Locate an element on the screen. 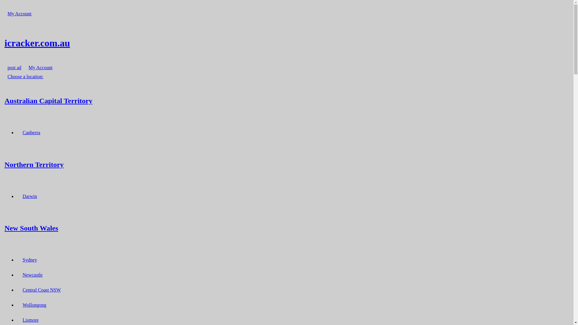 The height and width of the screenshot is (325, 578). 'Canberra' is located at coordinates (31, 132).